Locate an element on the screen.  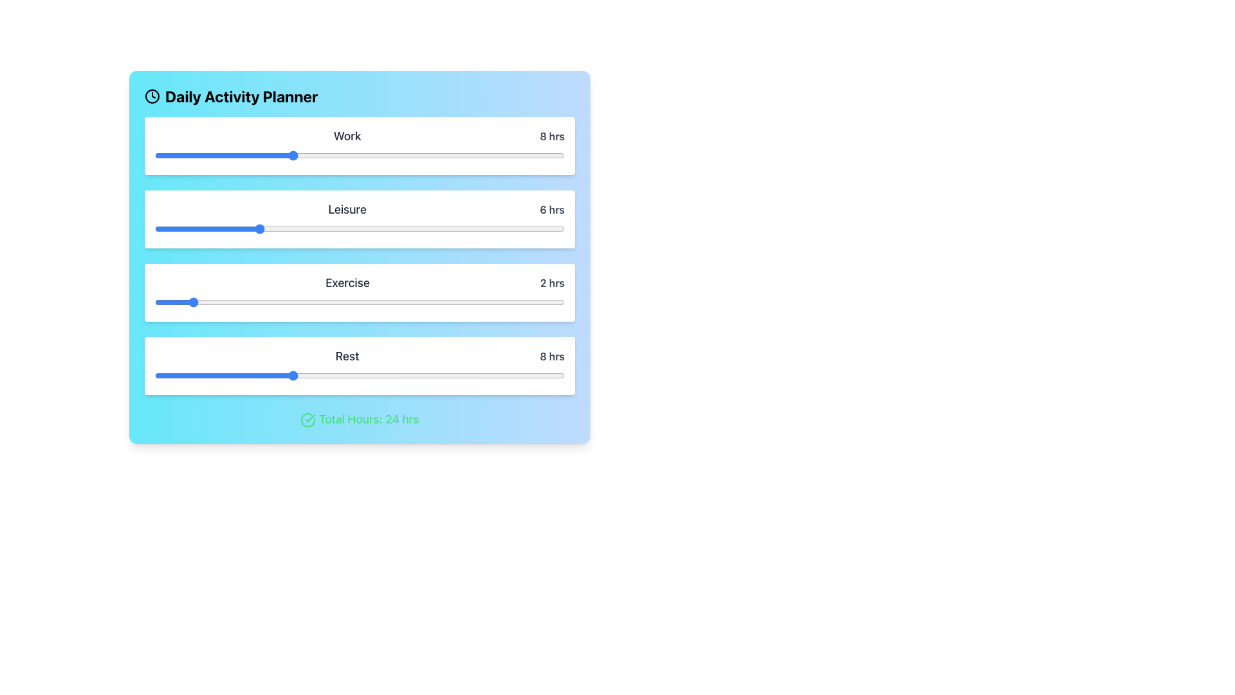
the black circular outline of the SVG-based clock icon, which is adjacent to the 'Daily Activity Planner' text at the top-left of the interface is located at coordinates (152, 96).